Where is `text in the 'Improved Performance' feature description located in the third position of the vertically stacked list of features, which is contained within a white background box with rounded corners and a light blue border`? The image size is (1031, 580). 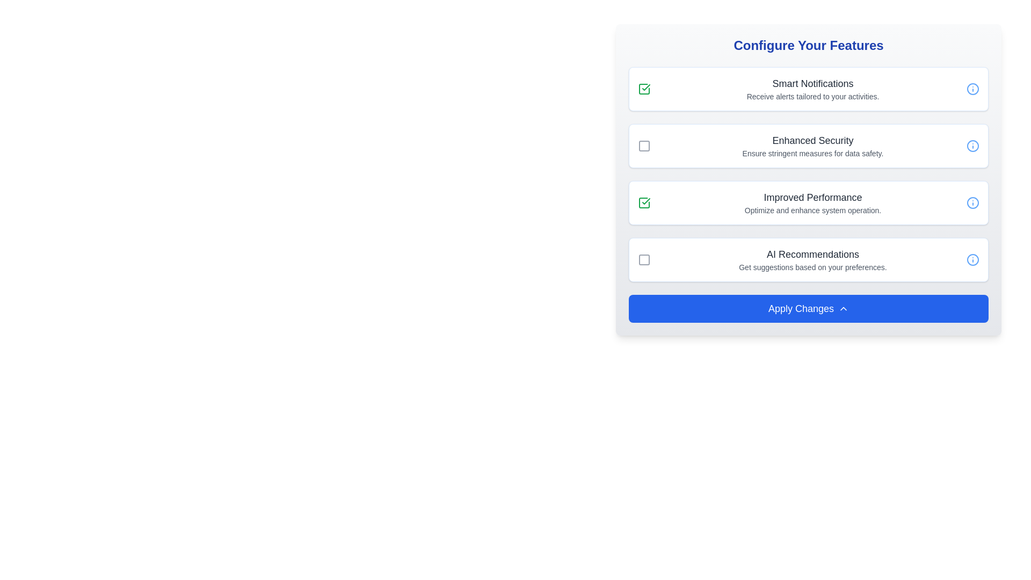
text in the 'Improved Performance' feature description located in the third position of the vertically stacked list of features, which is contained within a white background box with rounded corners and a light blue border is located at coordinates (812, 203).